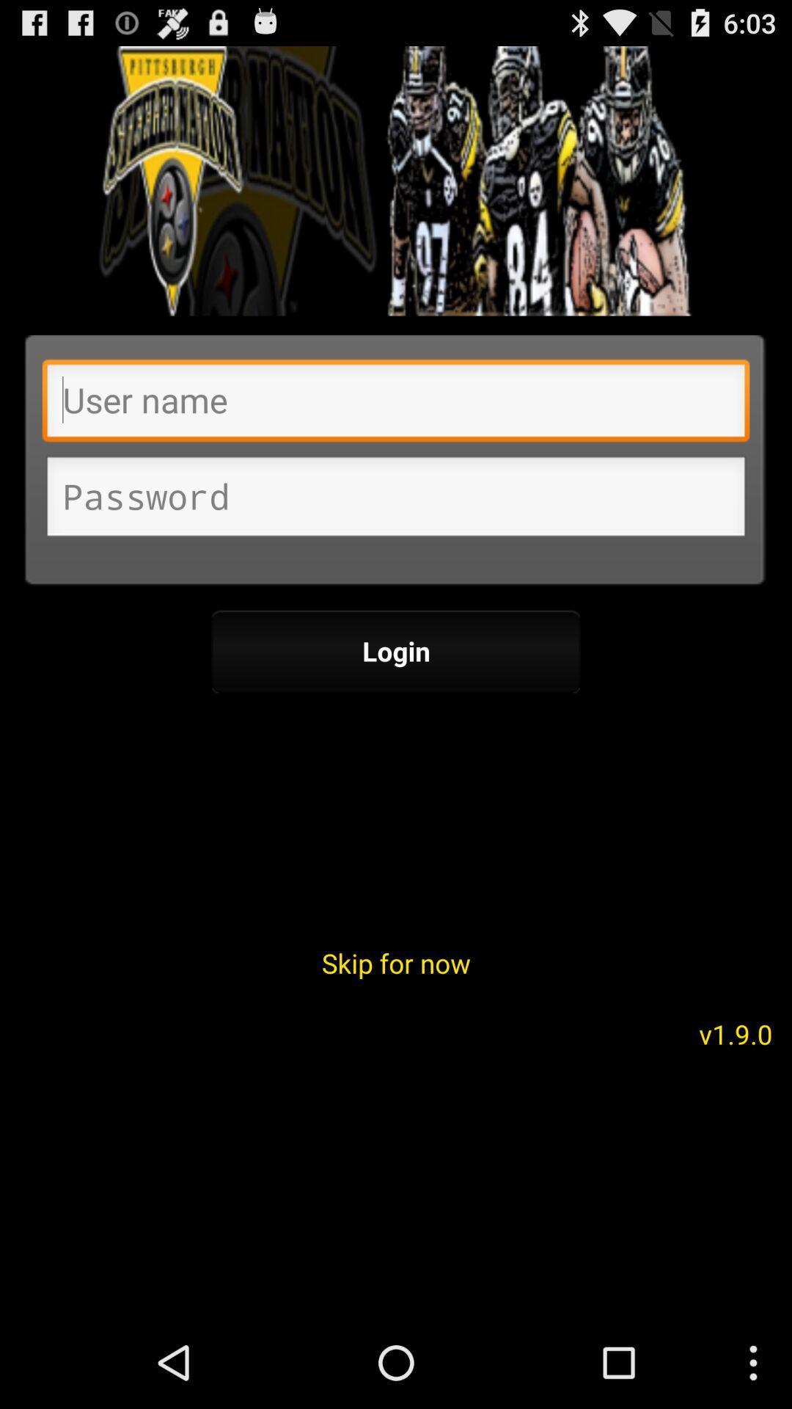  What do you see at coordinates (396, 404) in the screenshot?
I see `user name` at bounding box center [396, 404].